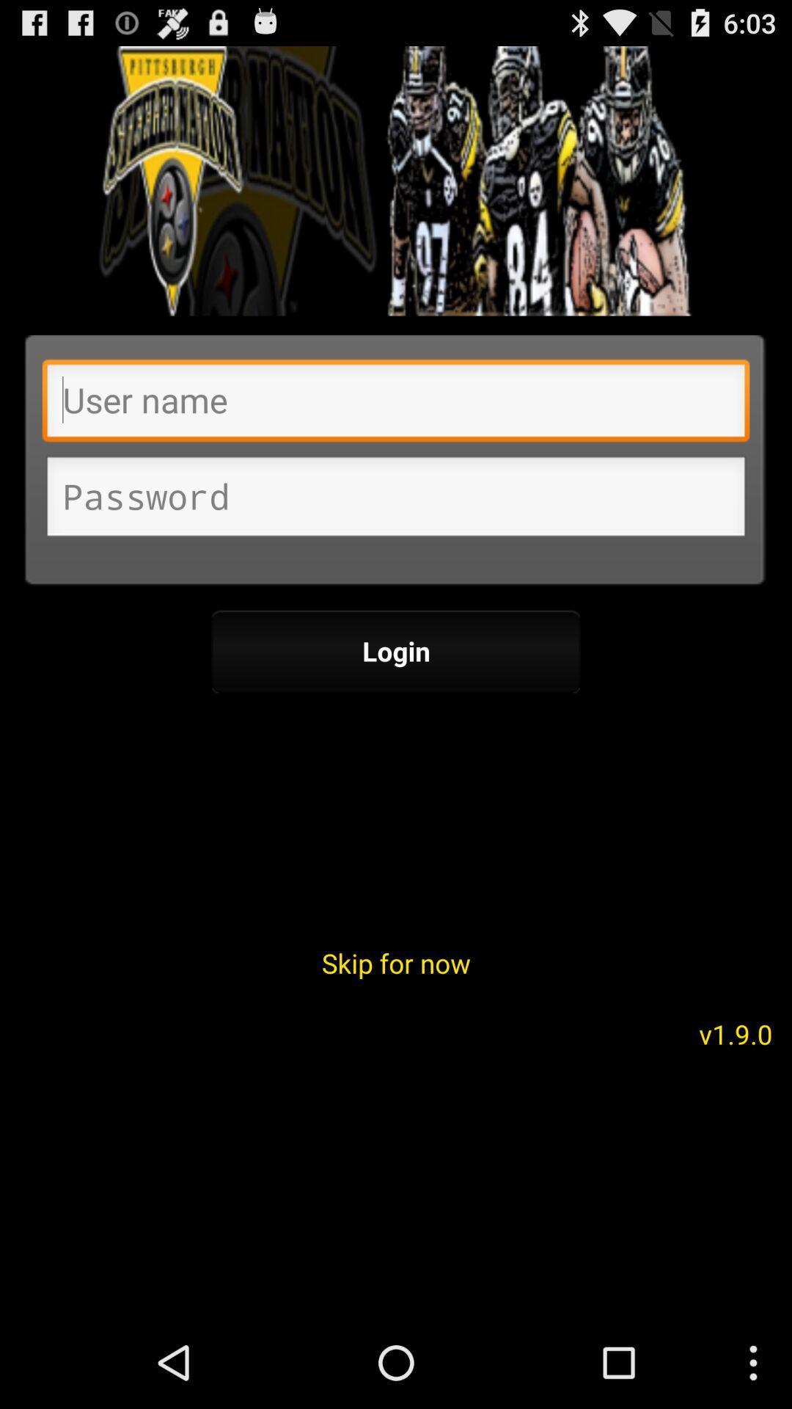  What do you see at coordinates (396, 404) in the screenshot?
I see `user name` at bounding box center [396, 404].